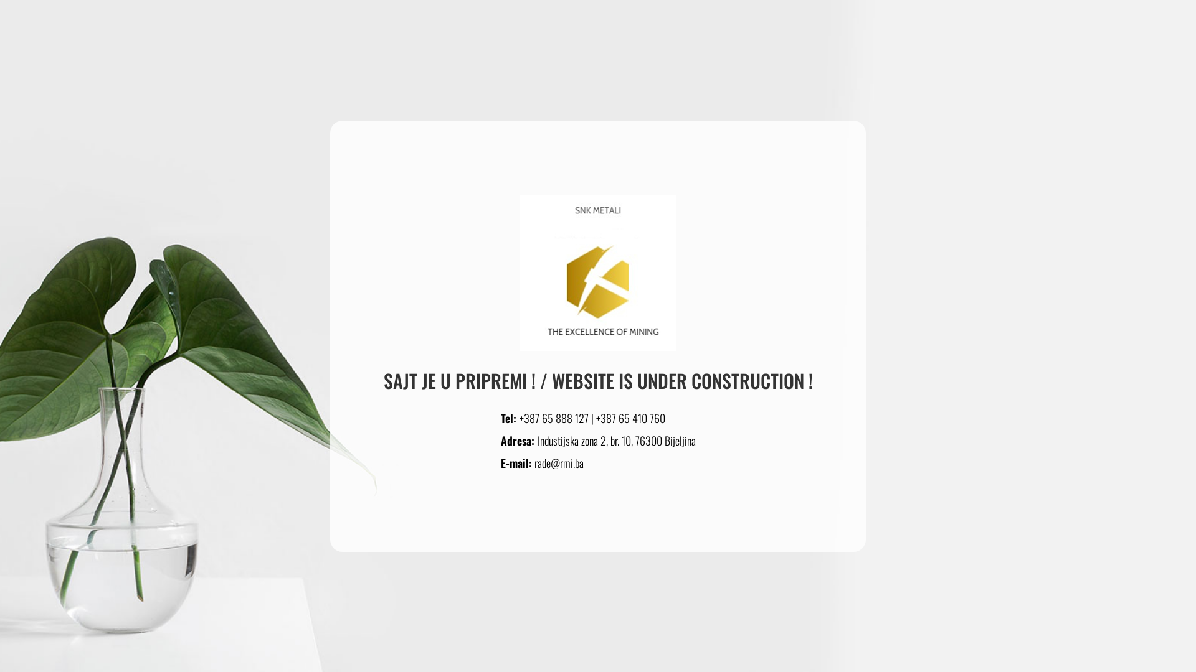 Image resolution: width=1196 pixels, height=672 pixels. What do you see at coordinates (542, 462) in the screenshot?
I see `'E-mail: rade@rmi.ba'` at bounding box center [542, 462].